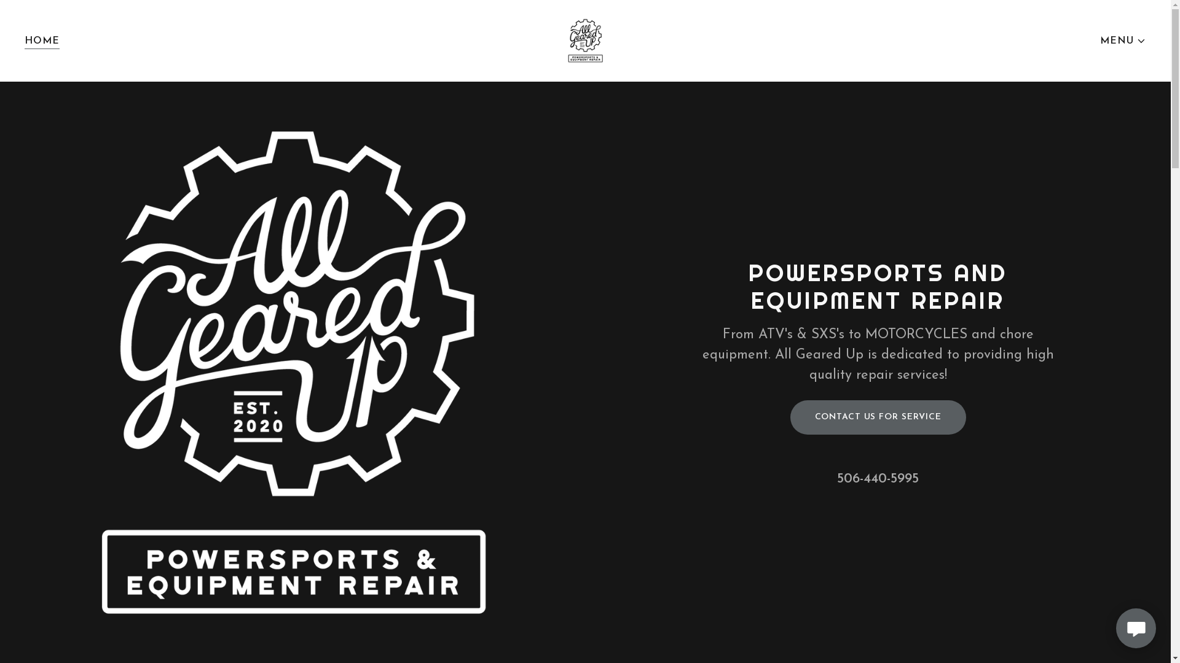 The height and width of the screenshot is (663, 1180). What do you see at coordinates (42, 40) in the screenshot?
I see `'HOME'` at bounding box center [42, 40].